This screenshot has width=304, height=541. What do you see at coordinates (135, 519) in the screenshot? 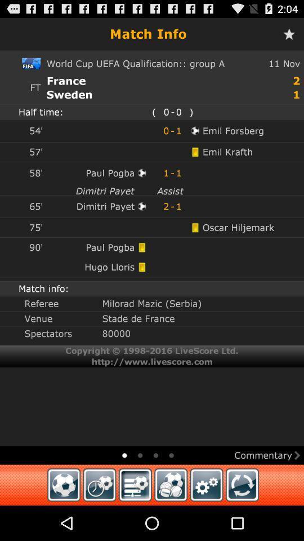
I see `the sliders icon` at bounding box center [135, 519].